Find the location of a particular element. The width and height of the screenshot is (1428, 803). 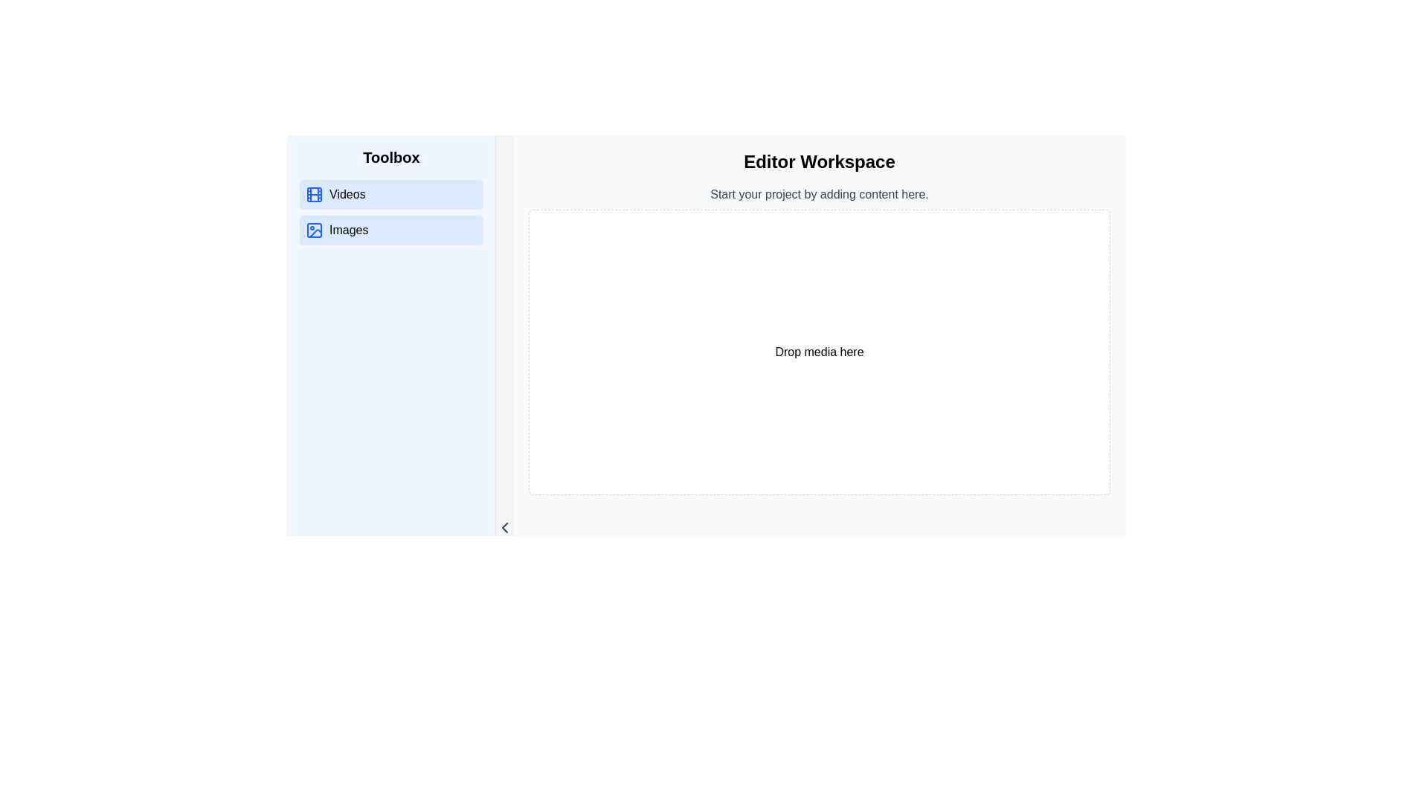

the text label that serves as the header for the workspace, indicating the purpose of the section below it is located at coordinates (819, 162).